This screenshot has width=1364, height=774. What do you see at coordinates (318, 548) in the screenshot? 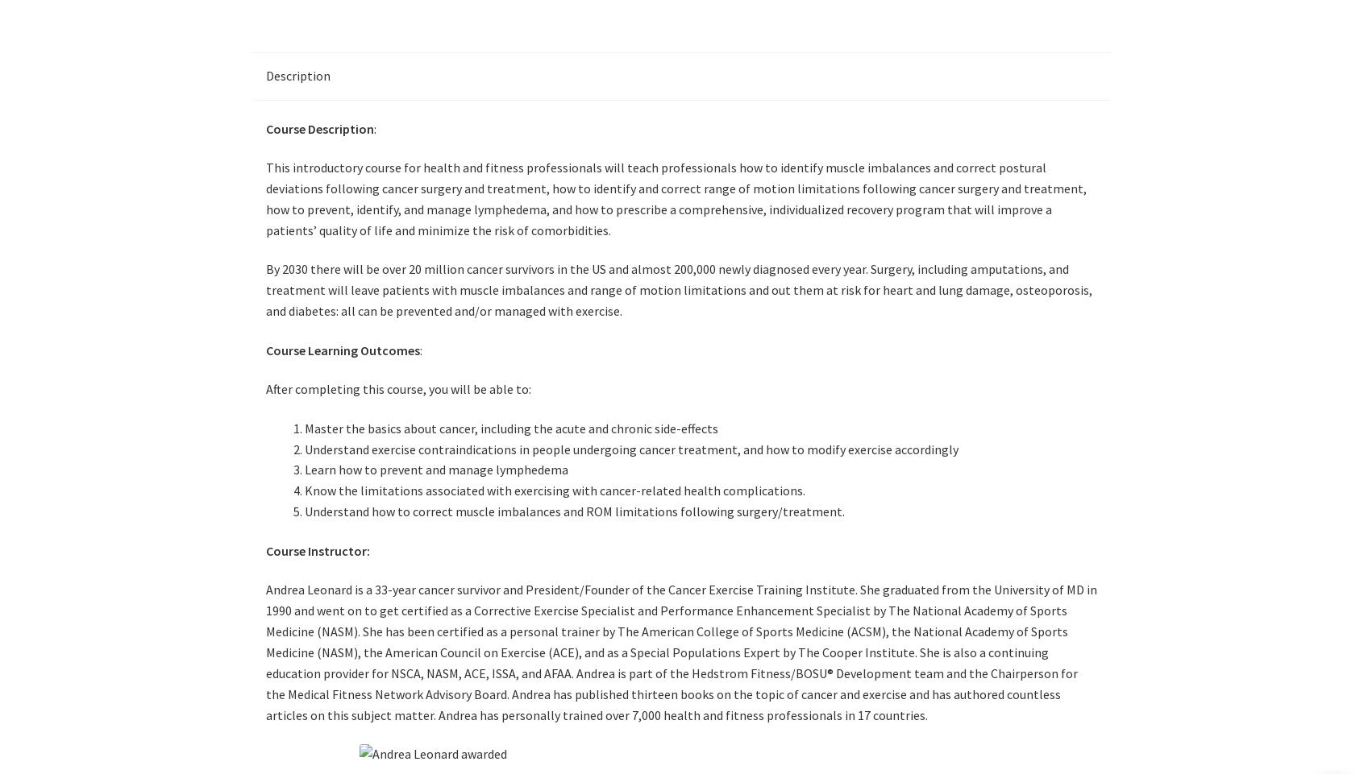
I see `'Course Instructor:'` at bounding box center [318, 548].